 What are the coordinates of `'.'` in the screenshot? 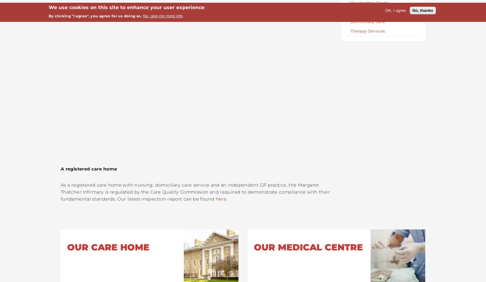 It's located at (227, 199).